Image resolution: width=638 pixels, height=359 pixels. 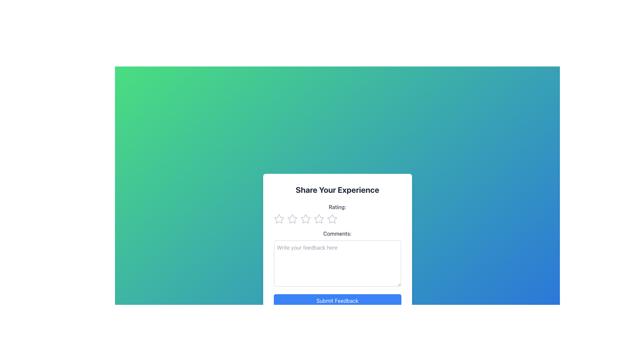 What do you see at coordinates (318, 219) in the screenshot?
I see `the second star icon in the interactive star rating system` at bounding box center [318, 219].